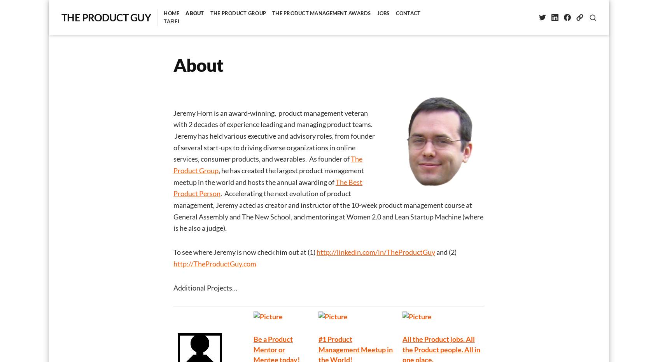 The image size is (658, 362). I want to click on 'http://linkedin.com/in/TheProductGuy', so click(376, 252).